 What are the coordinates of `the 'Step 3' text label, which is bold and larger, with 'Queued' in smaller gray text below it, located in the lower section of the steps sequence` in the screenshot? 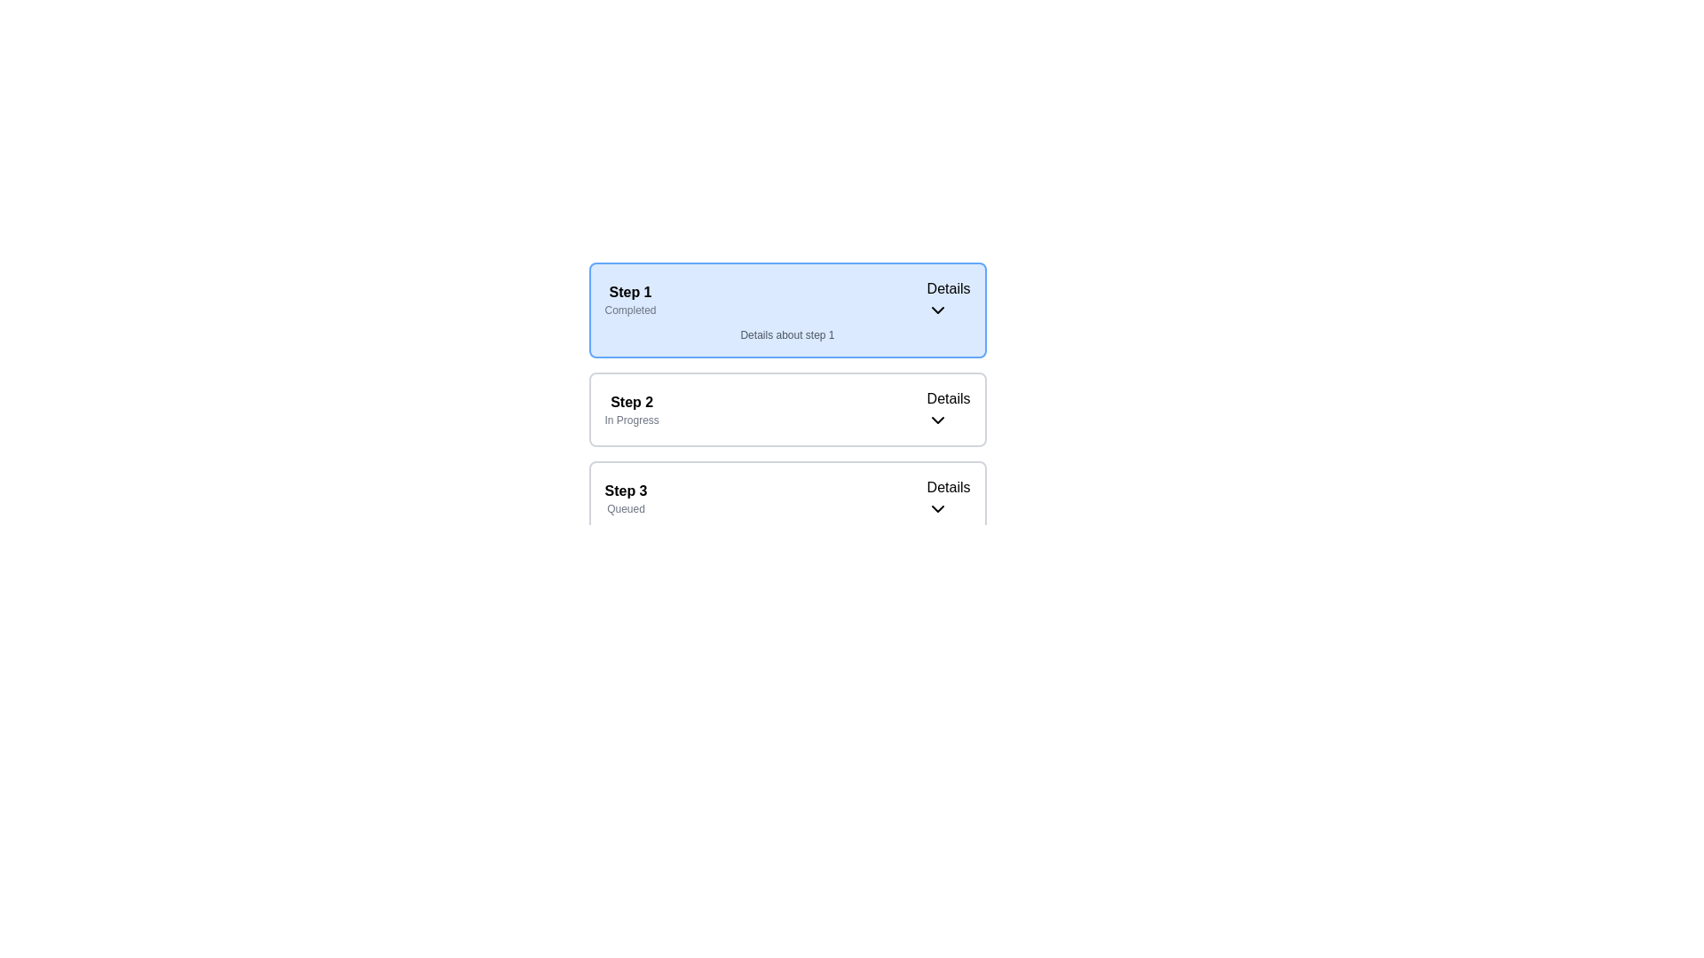 It's located at (626, 499).